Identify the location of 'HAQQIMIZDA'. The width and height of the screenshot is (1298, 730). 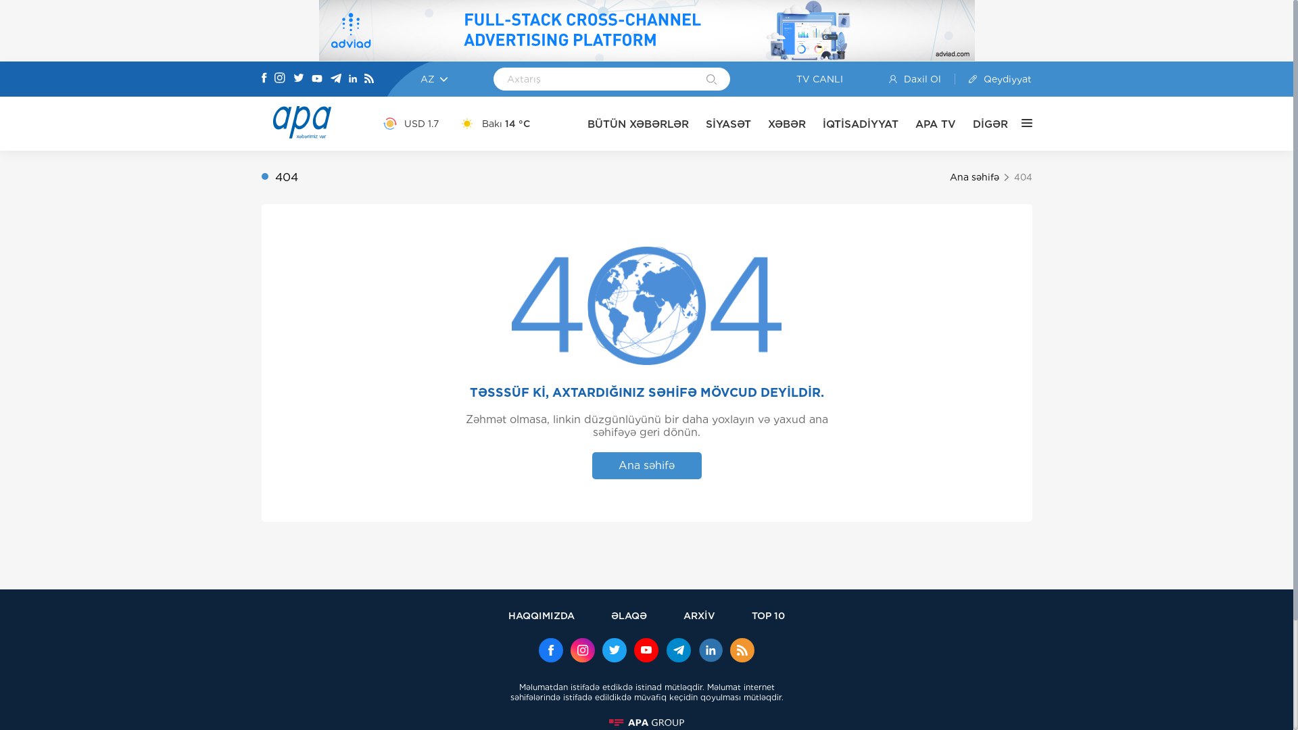
(508, 615).